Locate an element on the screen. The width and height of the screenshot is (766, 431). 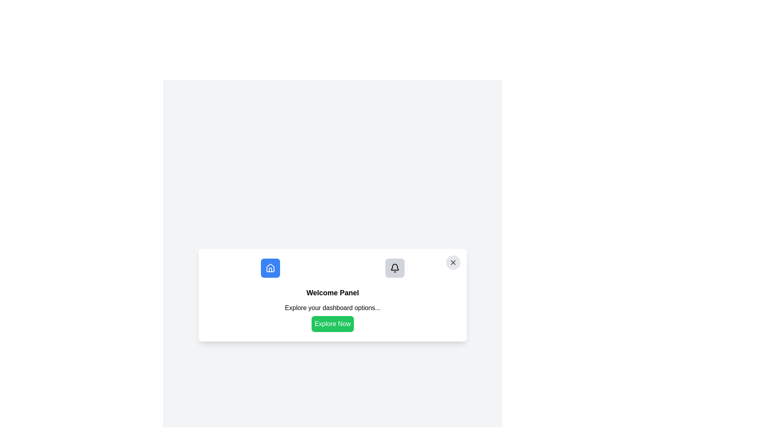
the close icon located at the top right corner of the white card interface, which is represented by an 'X' graphic is located at coordinates (453, 263).